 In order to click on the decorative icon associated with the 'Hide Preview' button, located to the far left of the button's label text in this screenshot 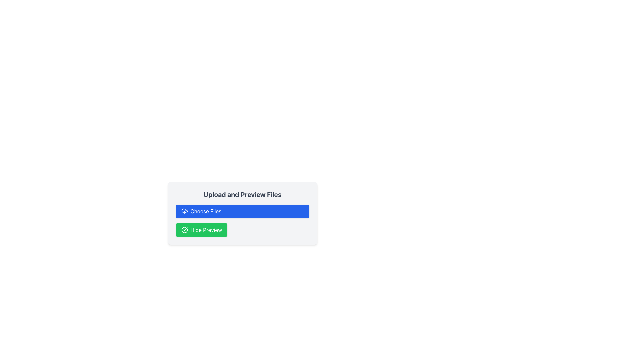, I will do `click(184, 230)`.